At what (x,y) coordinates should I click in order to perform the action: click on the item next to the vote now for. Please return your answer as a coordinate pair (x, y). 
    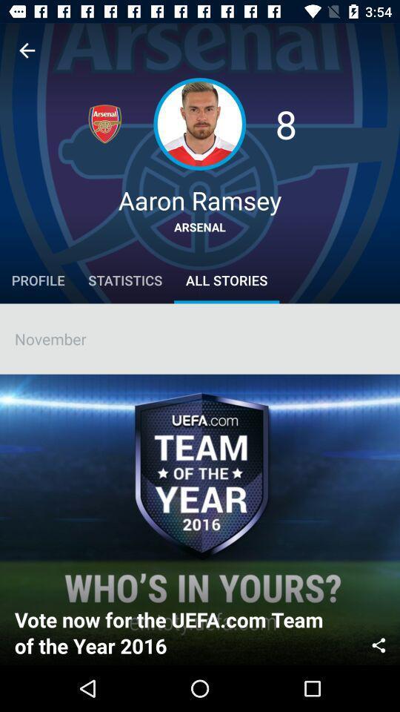
    Looking at the image, I should click on (379, 643).